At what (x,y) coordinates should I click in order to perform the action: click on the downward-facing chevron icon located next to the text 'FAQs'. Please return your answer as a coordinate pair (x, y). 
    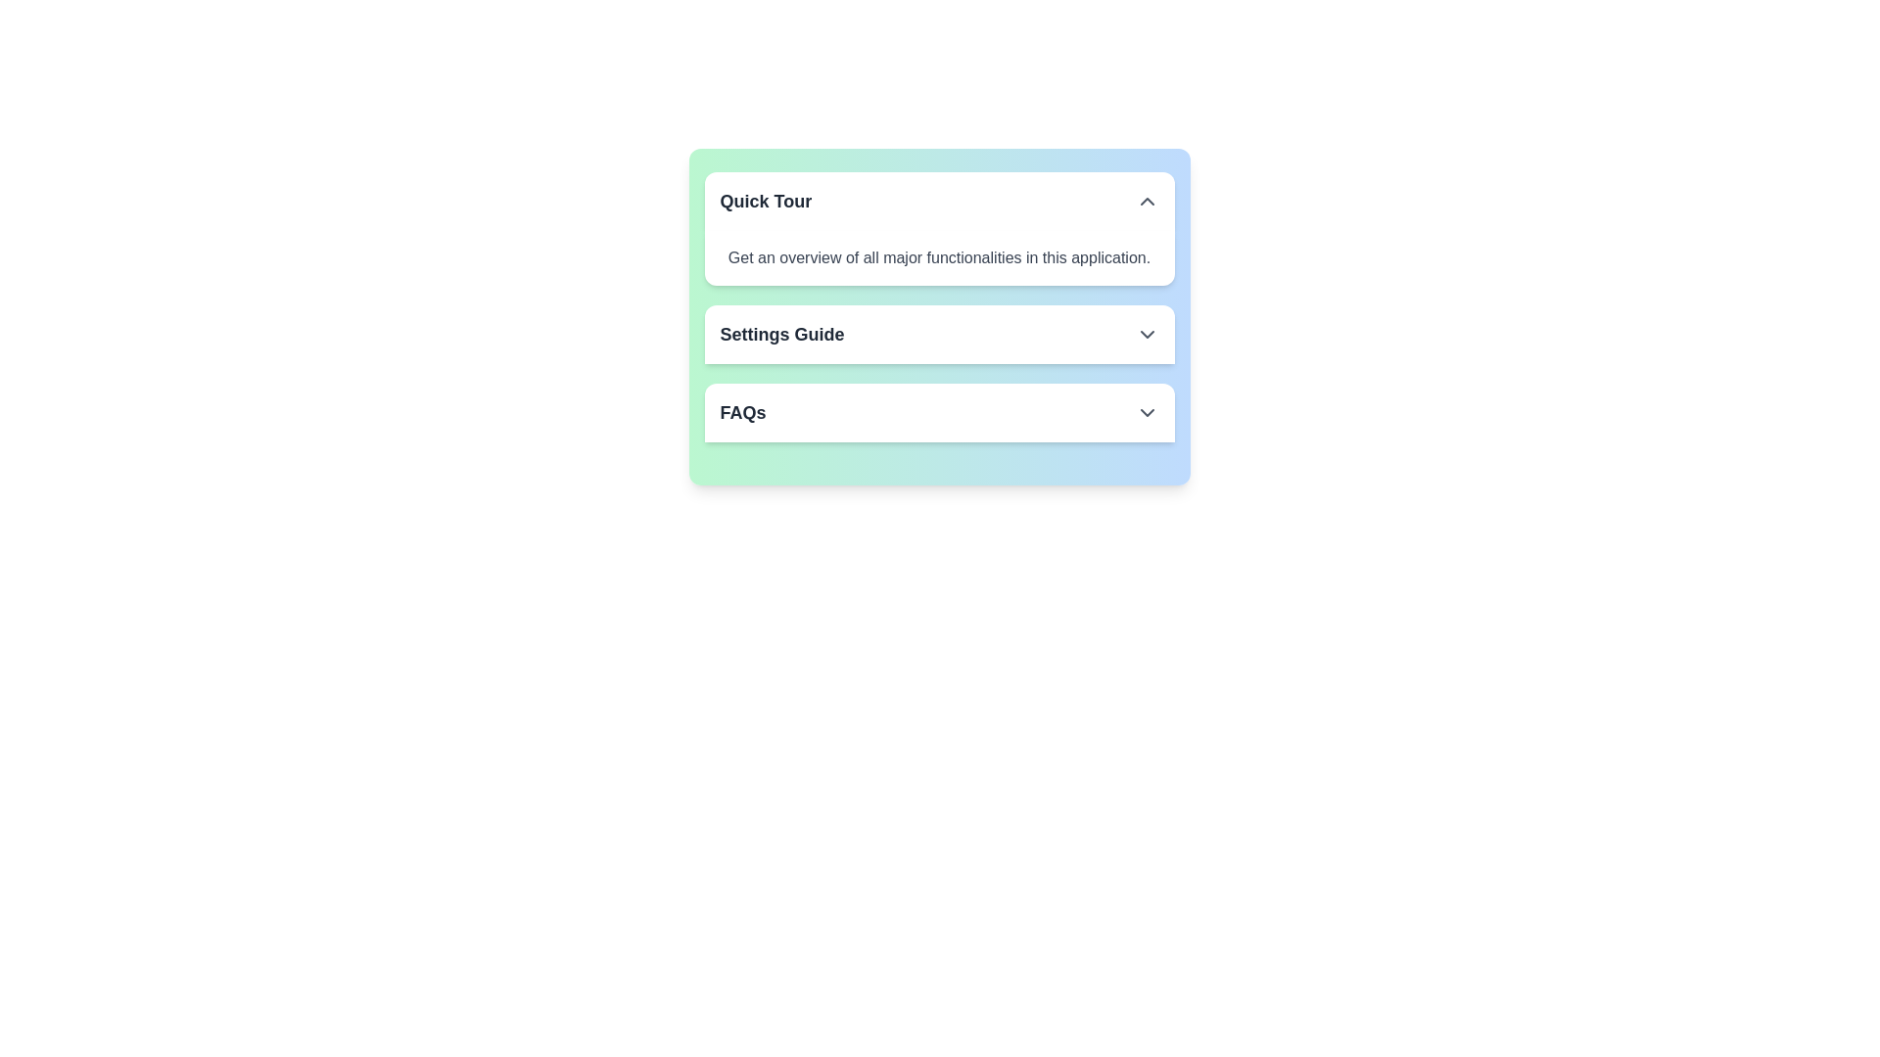
    Looking at the image, I should click on (1147, 411).